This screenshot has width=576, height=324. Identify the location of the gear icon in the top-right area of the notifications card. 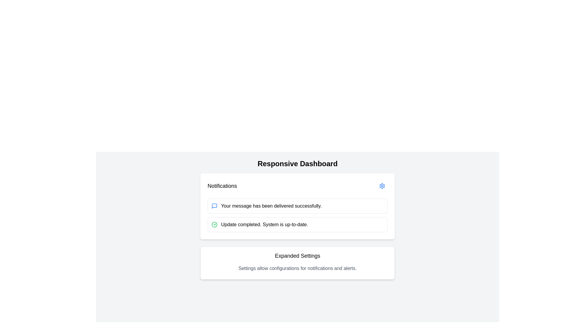
(382, 186).